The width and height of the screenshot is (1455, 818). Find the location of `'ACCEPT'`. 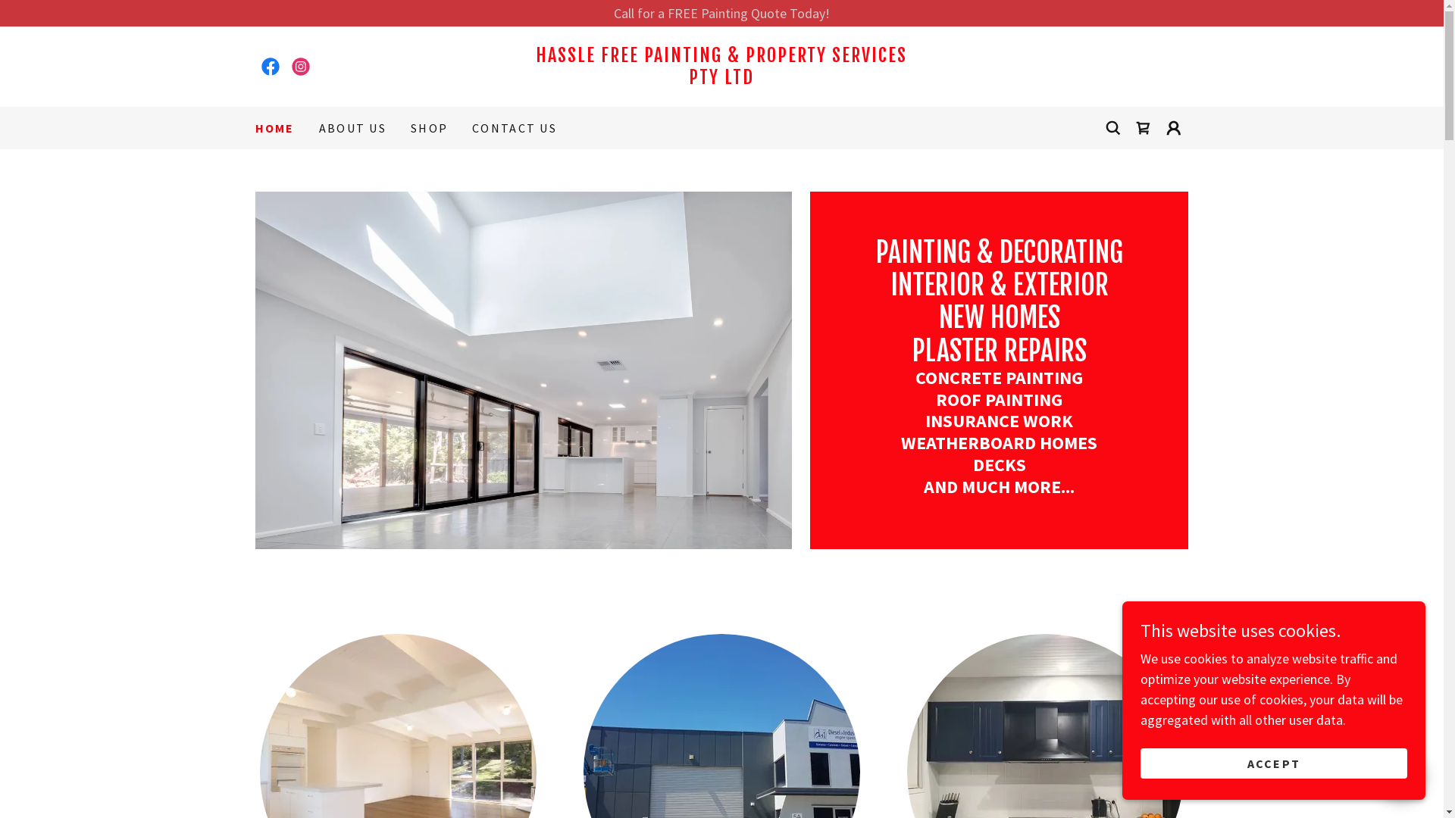

'ACCEPT' is located at coordinates (1273, 763).